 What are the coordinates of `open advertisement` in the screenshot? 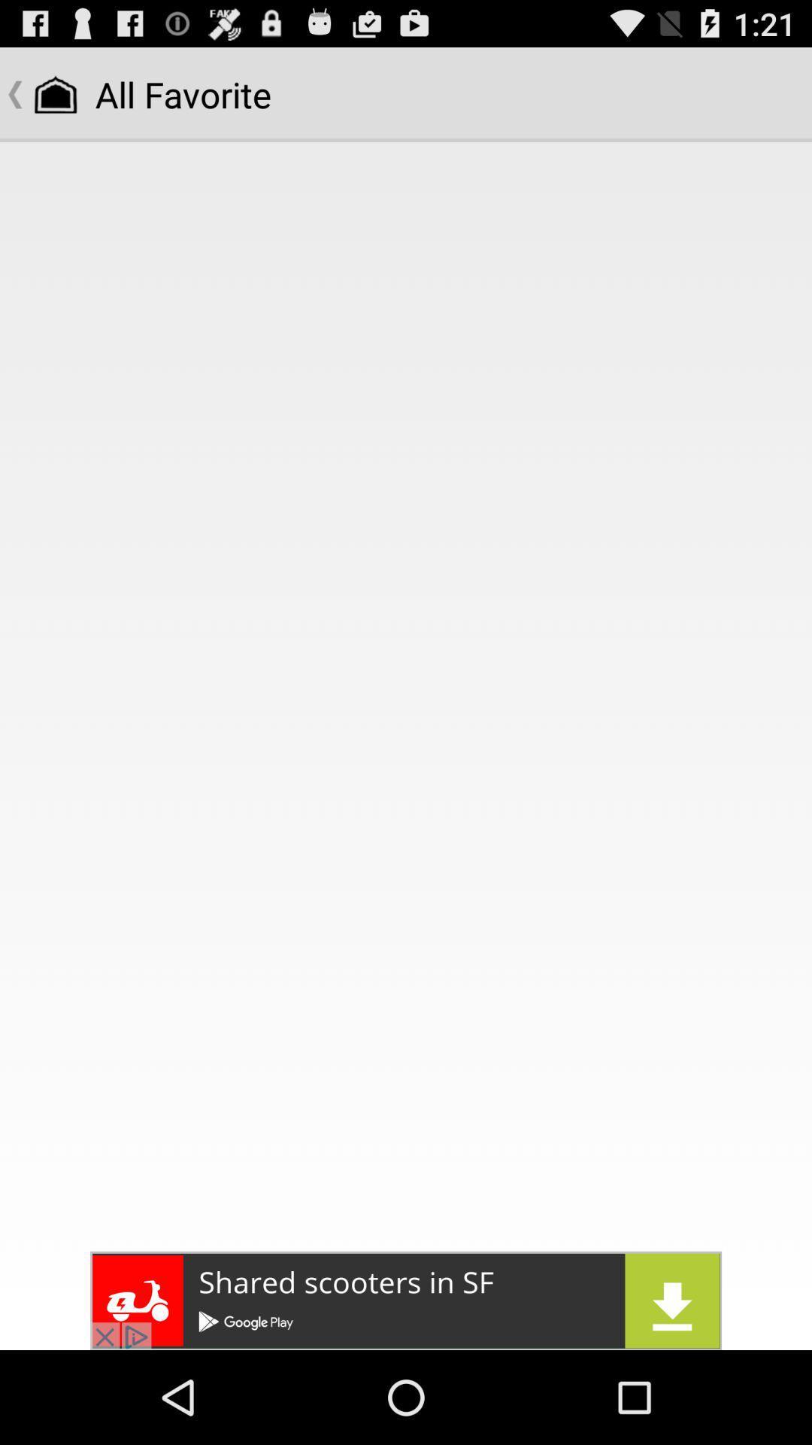 It's located at (406, 1300).